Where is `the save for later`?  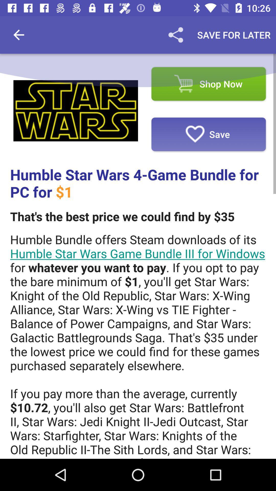
the save for later is located at coordinates (234, 35).